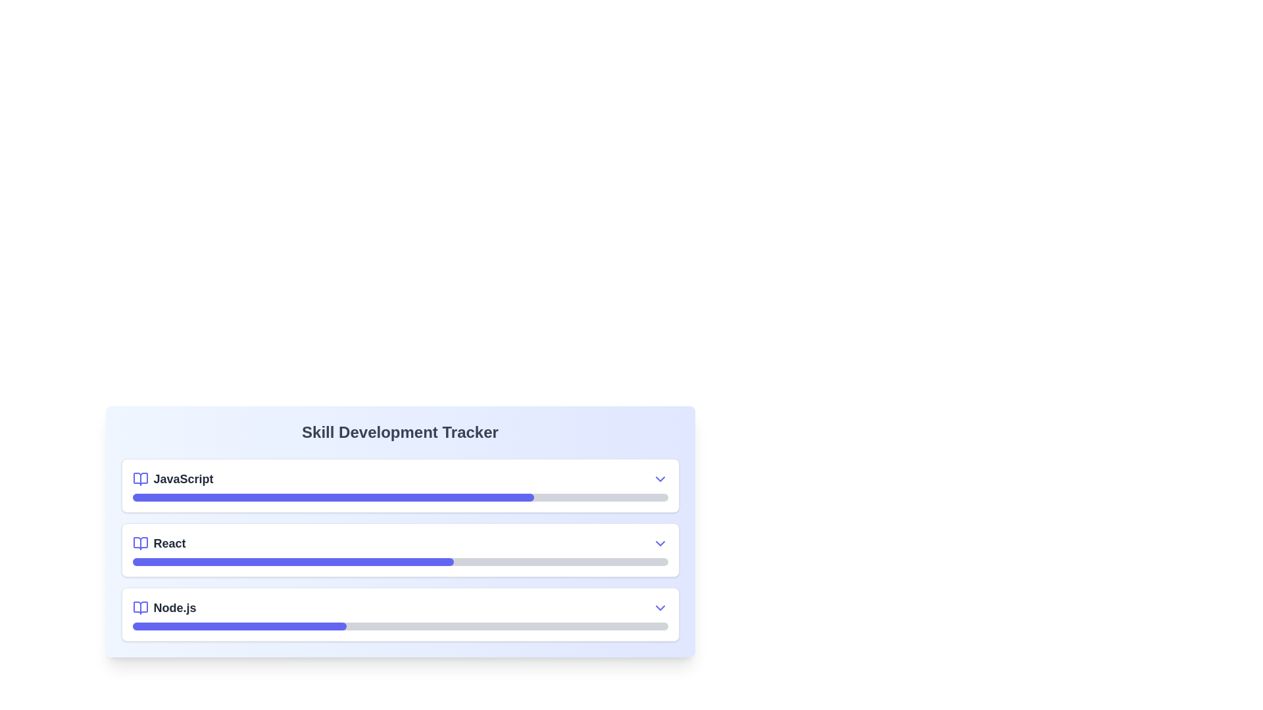 The width and height of the screenshot is (1263, 710). I want to click on the progress bar, so click(522, 625).